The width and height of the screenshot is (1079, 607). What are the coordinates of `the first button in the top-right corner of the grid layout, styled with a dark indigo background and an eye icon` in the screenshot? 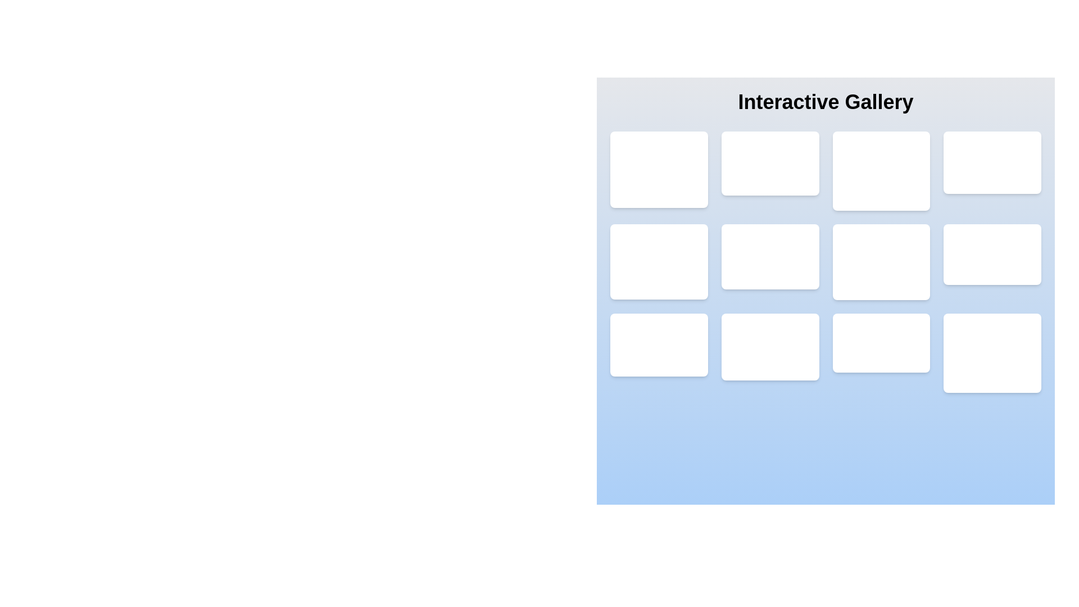 It's located at (978, 188).